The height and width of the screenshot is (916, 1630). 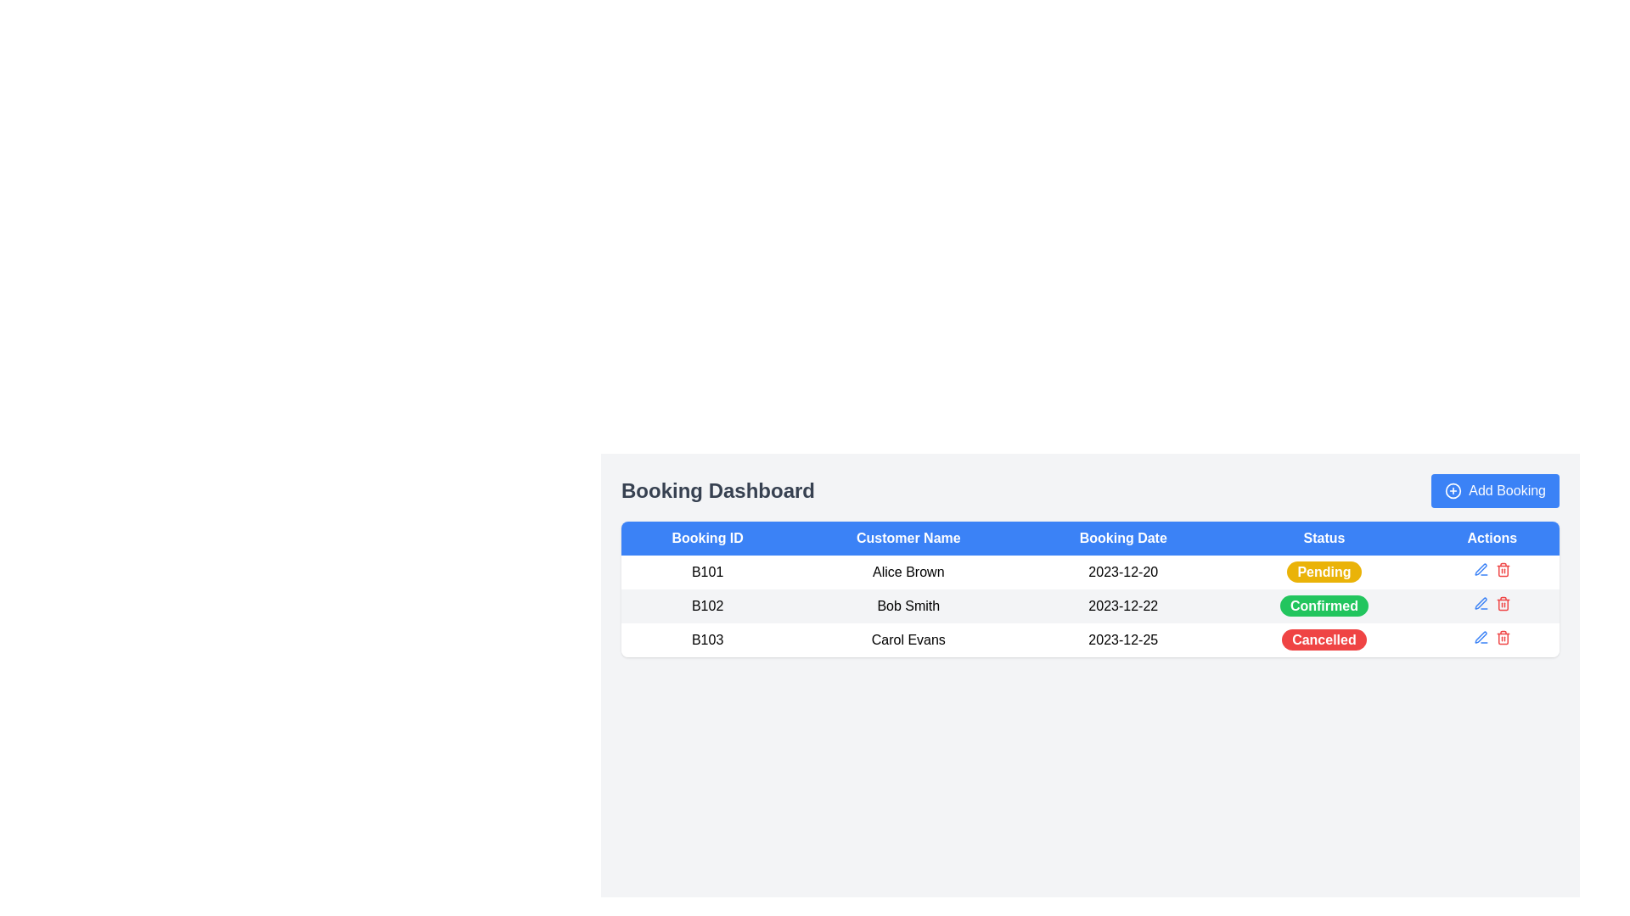 What do you see at coordinates (1503, 638) in the screenshot?
I see `the red trash can icon button located on the right side within the last row of the actions column in the table` at bounding box center [1503, 638].